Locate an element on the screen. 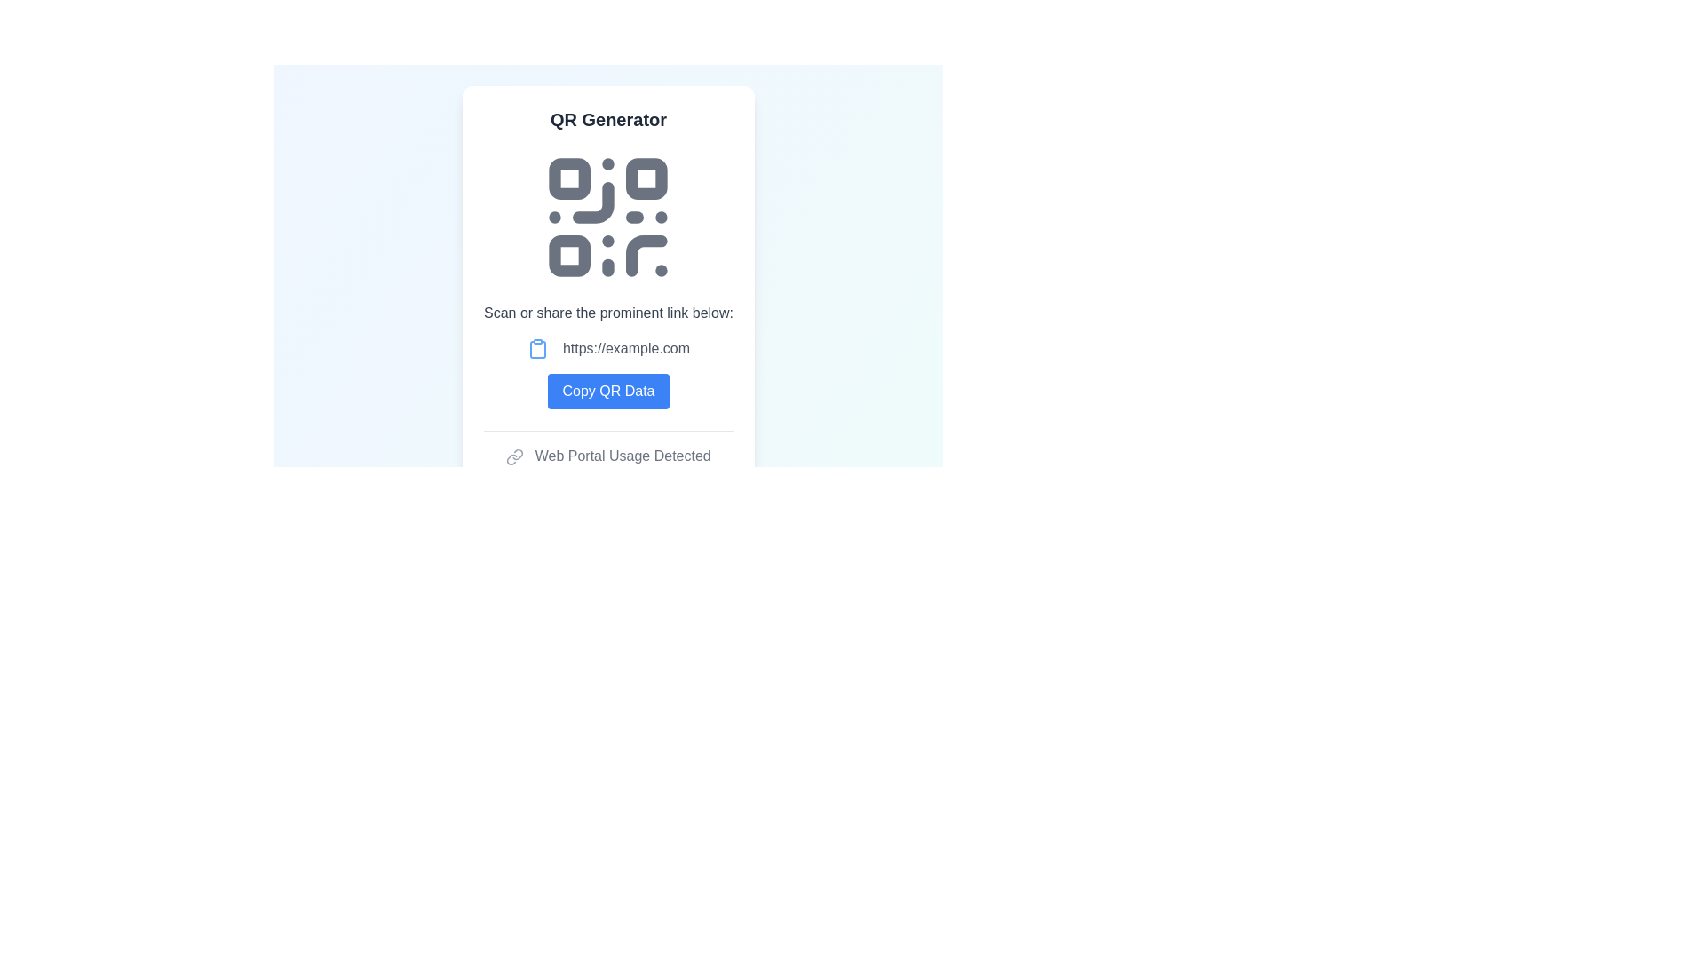  text content of the Text Display that shows the URL 'https://example.com', which is styled in gray and located in a row layout near the center of the interface is located at coordinates (626, 349).